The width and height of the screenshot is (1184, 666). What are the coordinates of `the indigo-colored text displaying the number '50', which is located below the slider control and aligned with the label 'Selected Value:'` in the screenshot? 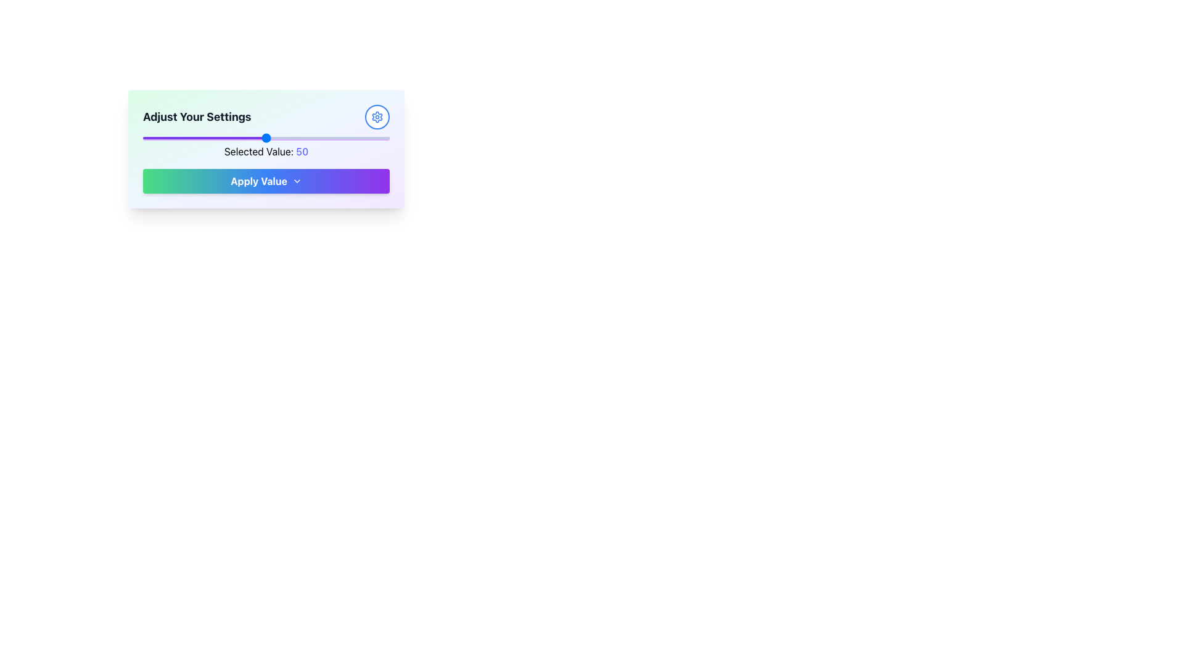 It's located at (302, 151).